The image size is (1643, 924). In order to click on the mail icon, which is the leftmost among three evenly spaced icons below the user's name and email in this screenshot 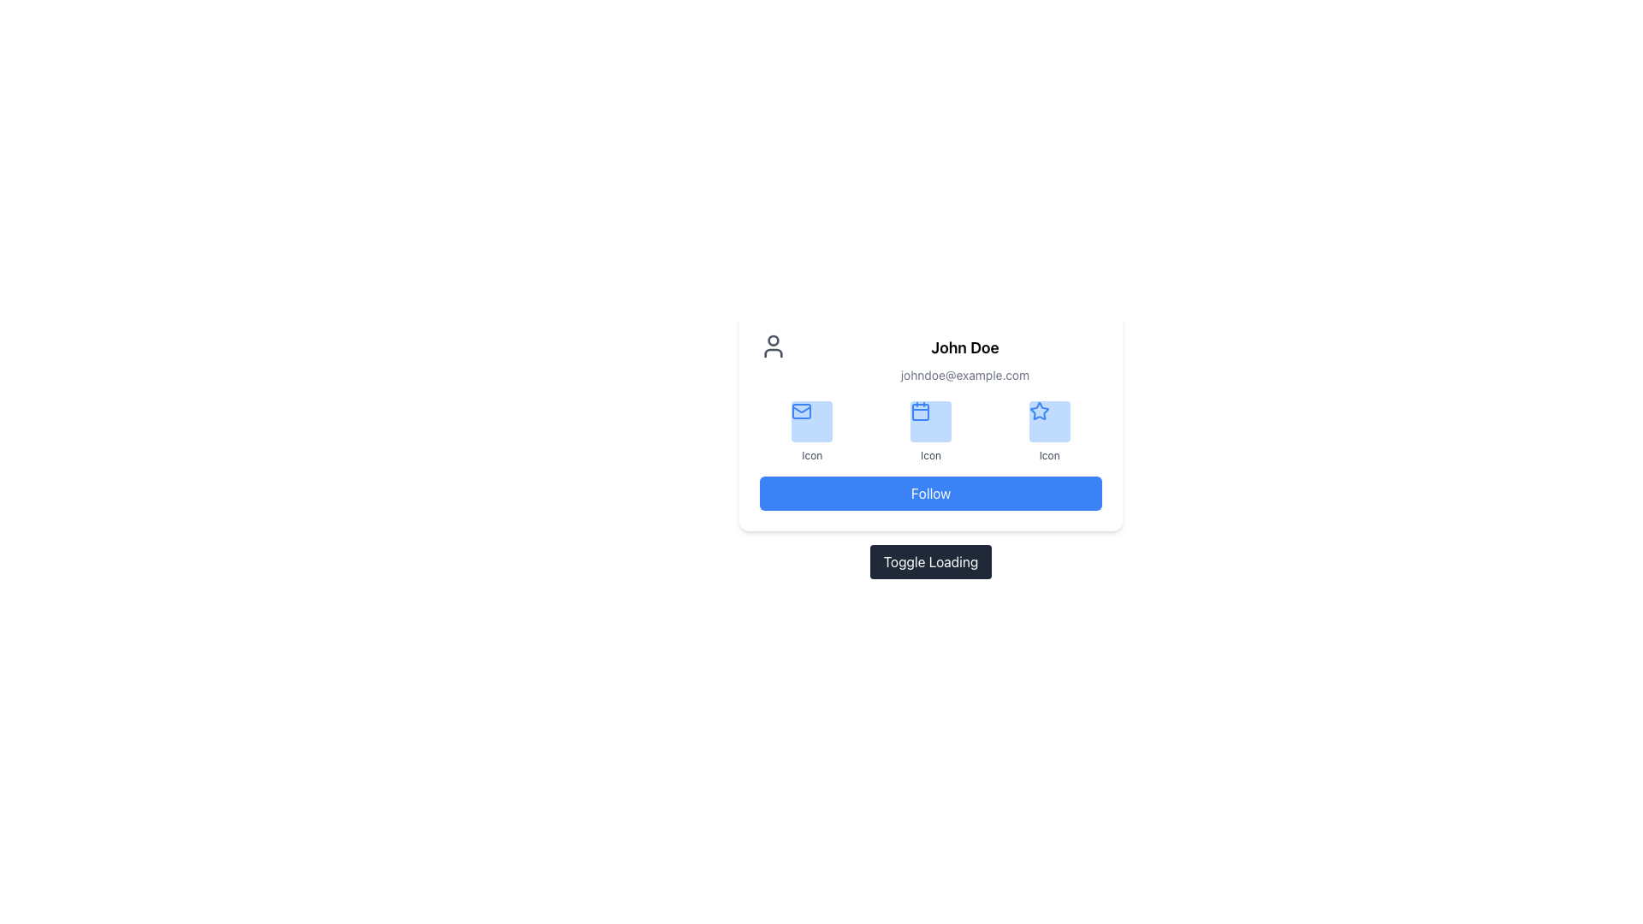, I will do `click(801, 412)`.